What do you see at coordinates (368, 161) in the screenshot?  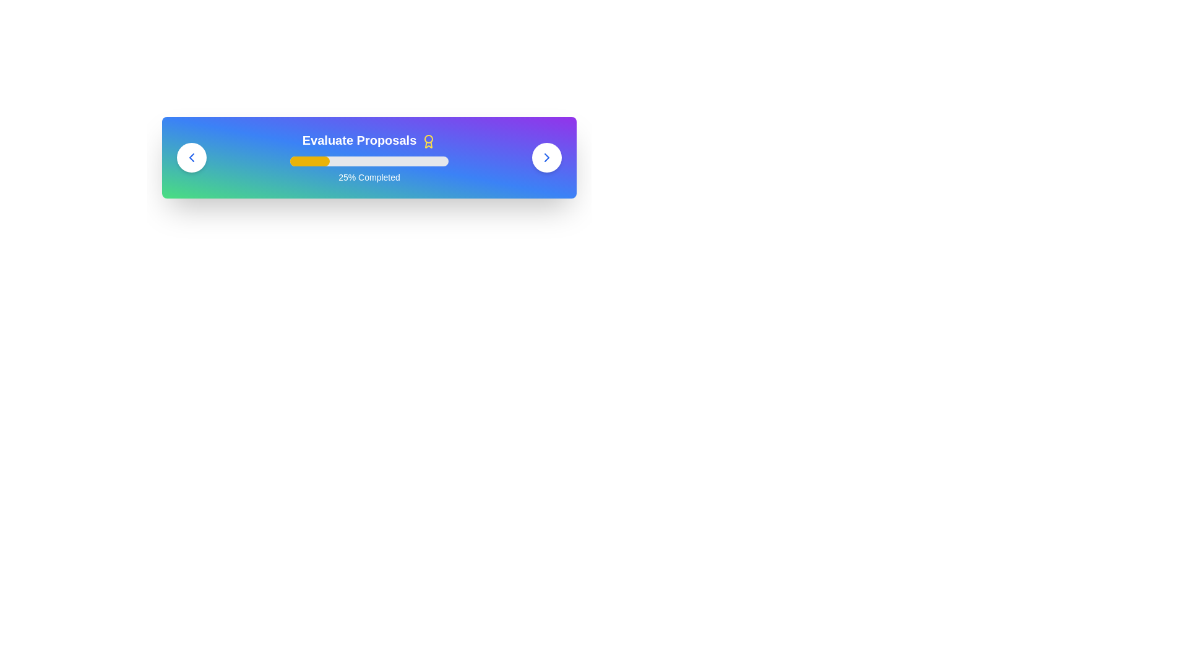 I see `the horizontal progress bar with a rounded gray background and a filled yellow segment indicating 25% completion, located below 'Evaluate Proposals' and above '25% Completed'` at bounding box center [368, 161].